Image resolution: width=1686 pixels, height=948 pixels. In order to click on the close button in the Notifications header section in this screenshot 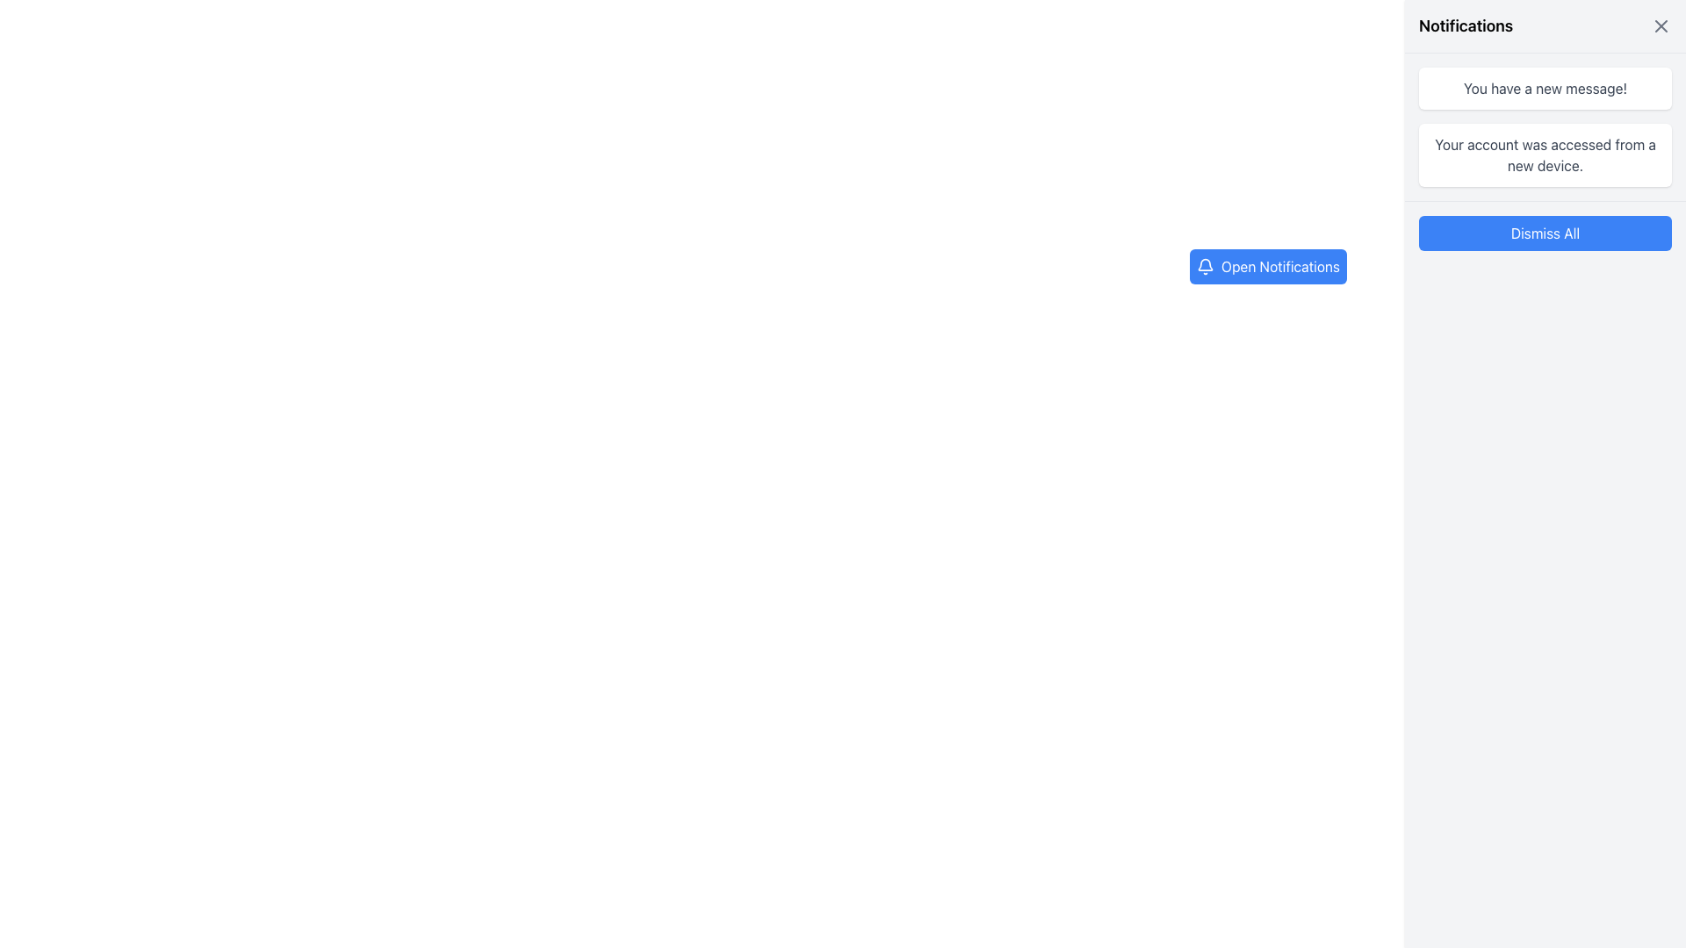, I will do `click(1660, 26)`.